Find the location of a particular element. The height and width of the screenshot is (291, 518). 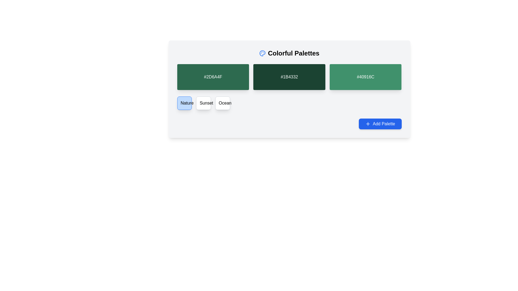

the prominent blue 'Add Palette' button with white text and a '+' icon is located at coordinates (380, 124).